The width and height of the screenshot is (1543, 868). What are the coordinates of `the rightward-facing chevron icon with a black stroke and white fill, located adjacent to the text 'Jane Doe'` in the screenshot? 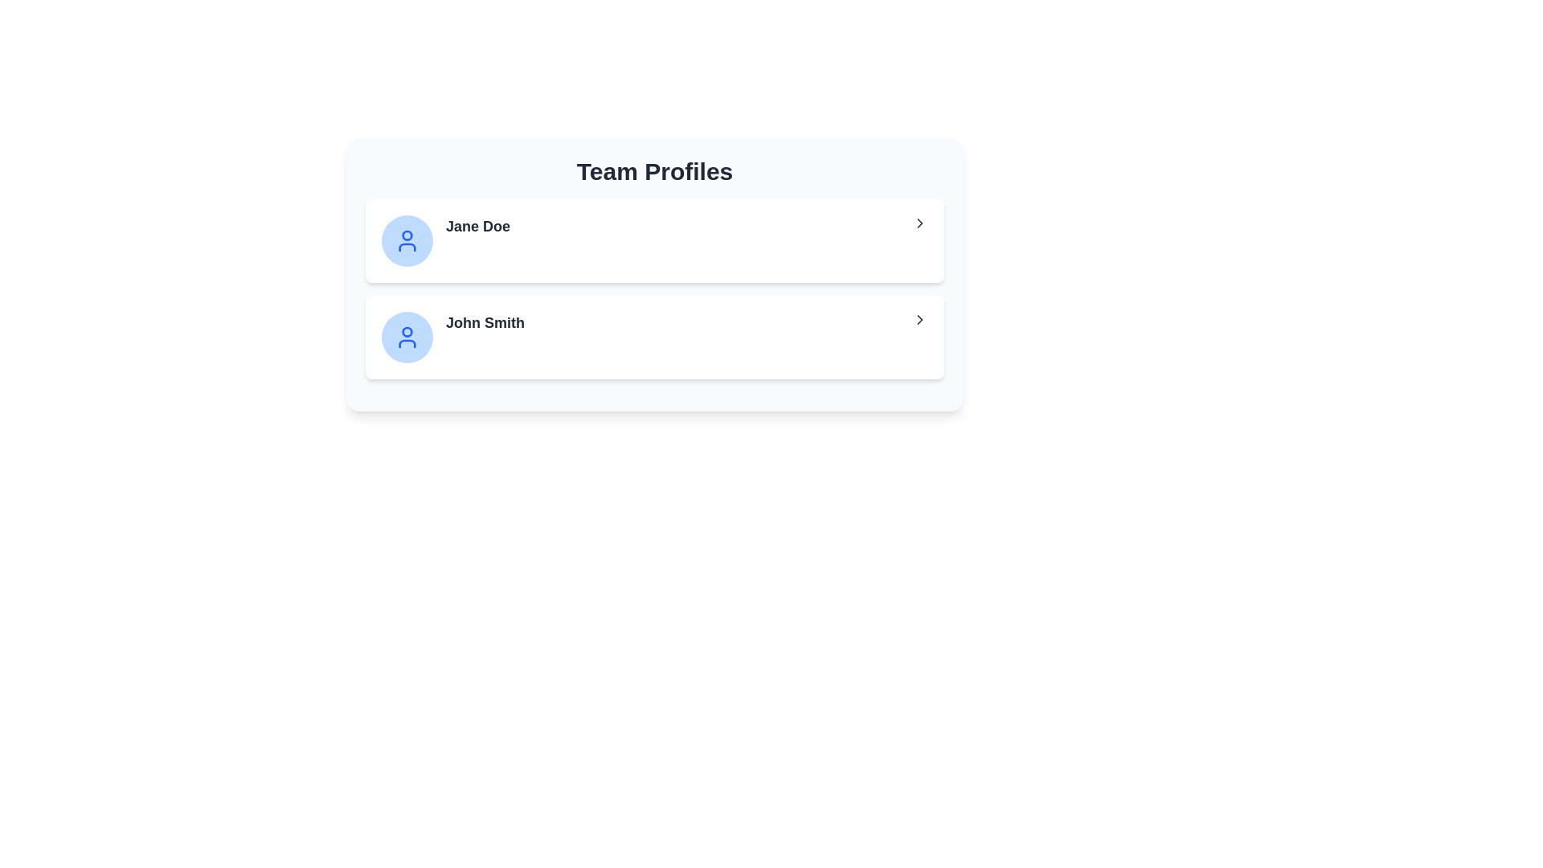 It's located at (920, 223).